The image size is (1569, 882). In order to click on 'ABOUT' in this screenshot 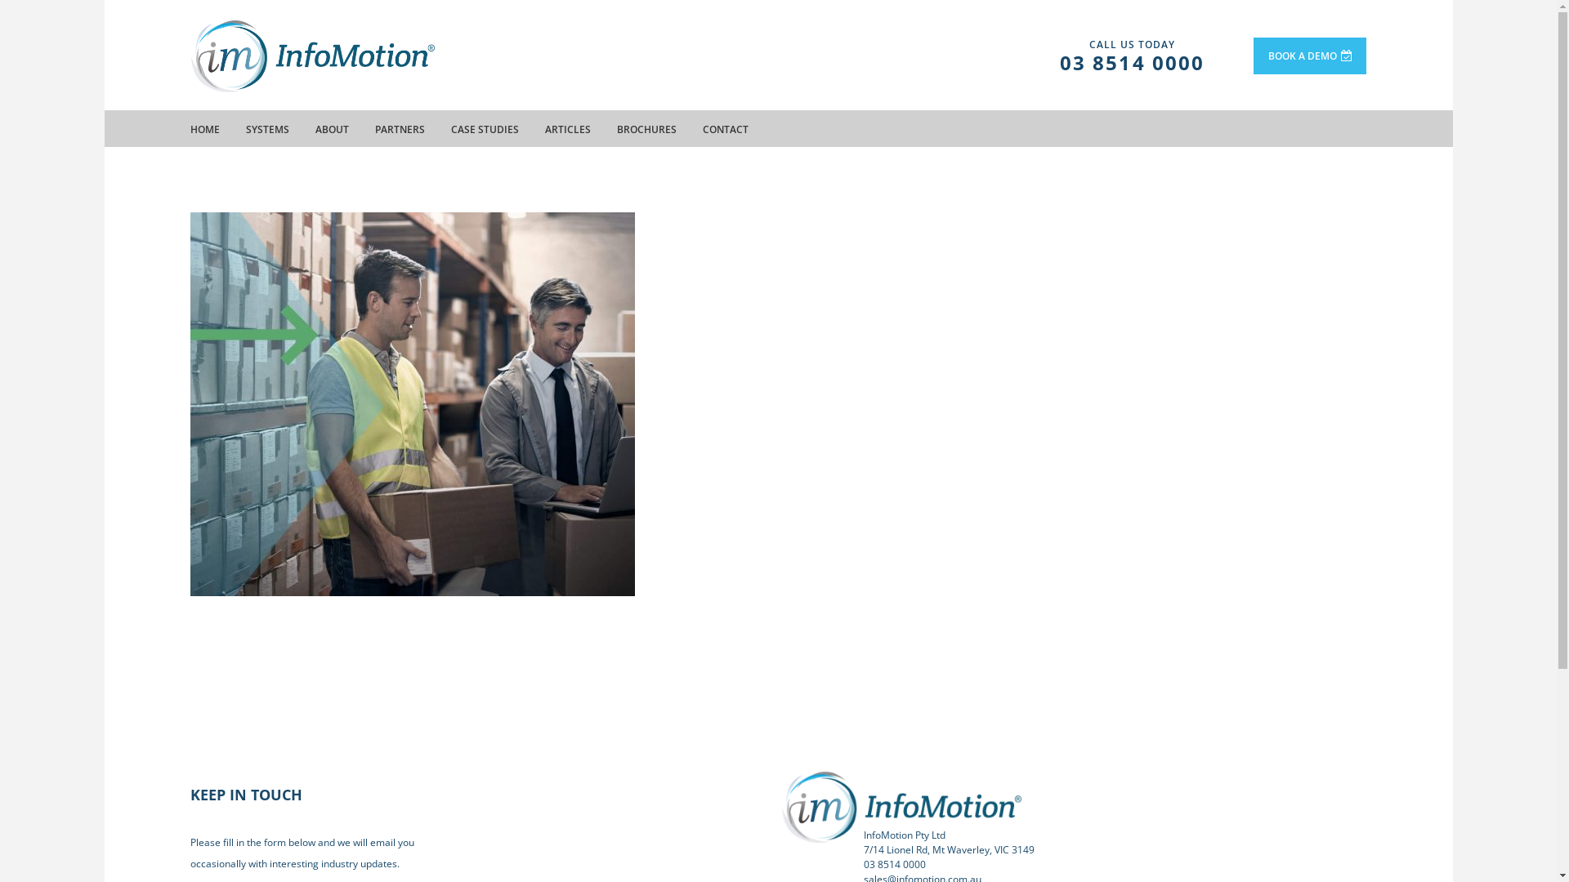, I will do `click(315, 128)`.